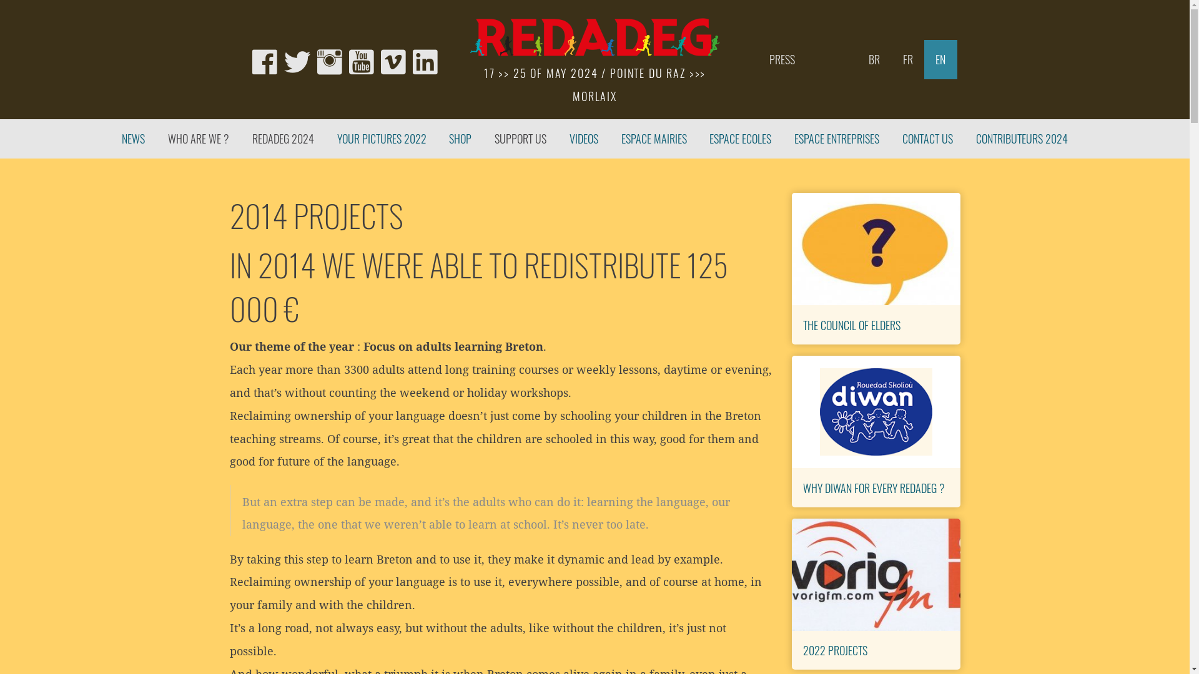 This screenshot has width=1199, height=674. I want to click on 'YOUR PICTURES 2022', so click(325, 139).